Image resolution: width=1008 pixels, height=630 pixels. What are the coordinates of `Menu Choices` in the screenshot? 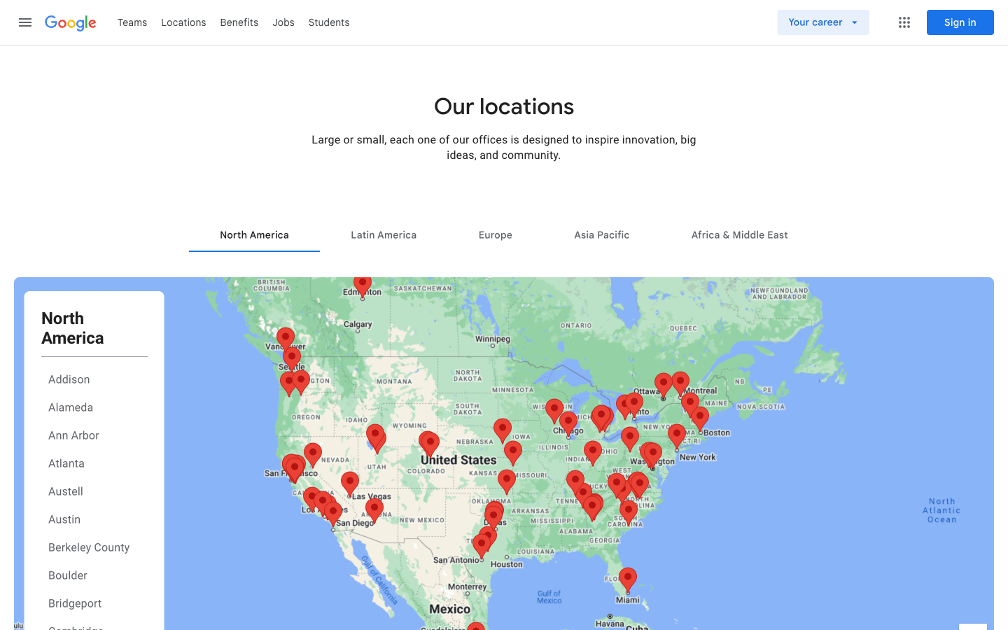 It's located at (904, 22).